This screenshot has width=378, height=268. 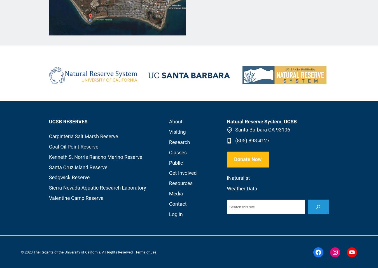 I want to click on 'Classes', so click(x=178, y=152).